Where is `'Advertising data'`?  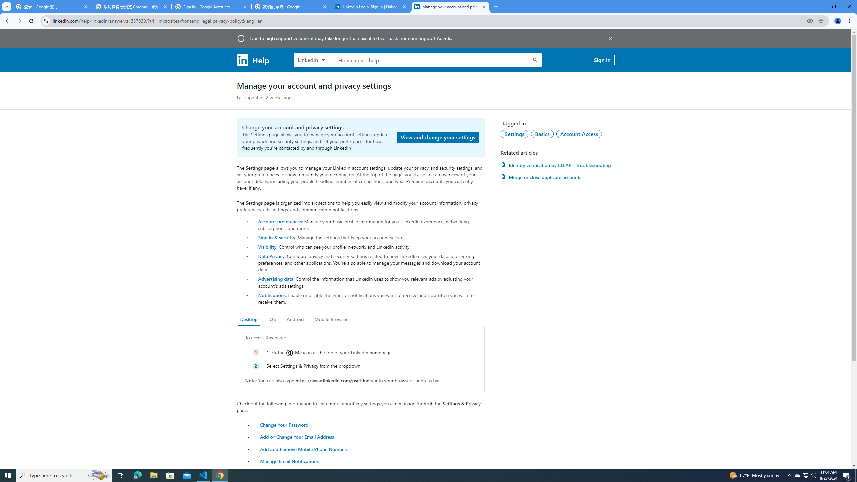 'Advertising data' is located at coordinates (276, 278).